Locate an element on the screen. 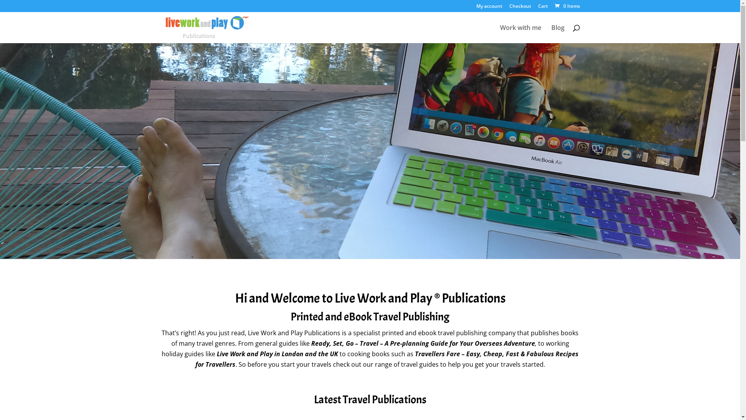 This screenshot has height=420, width=746. 'Checkout' is located at coordinates (520, 8).